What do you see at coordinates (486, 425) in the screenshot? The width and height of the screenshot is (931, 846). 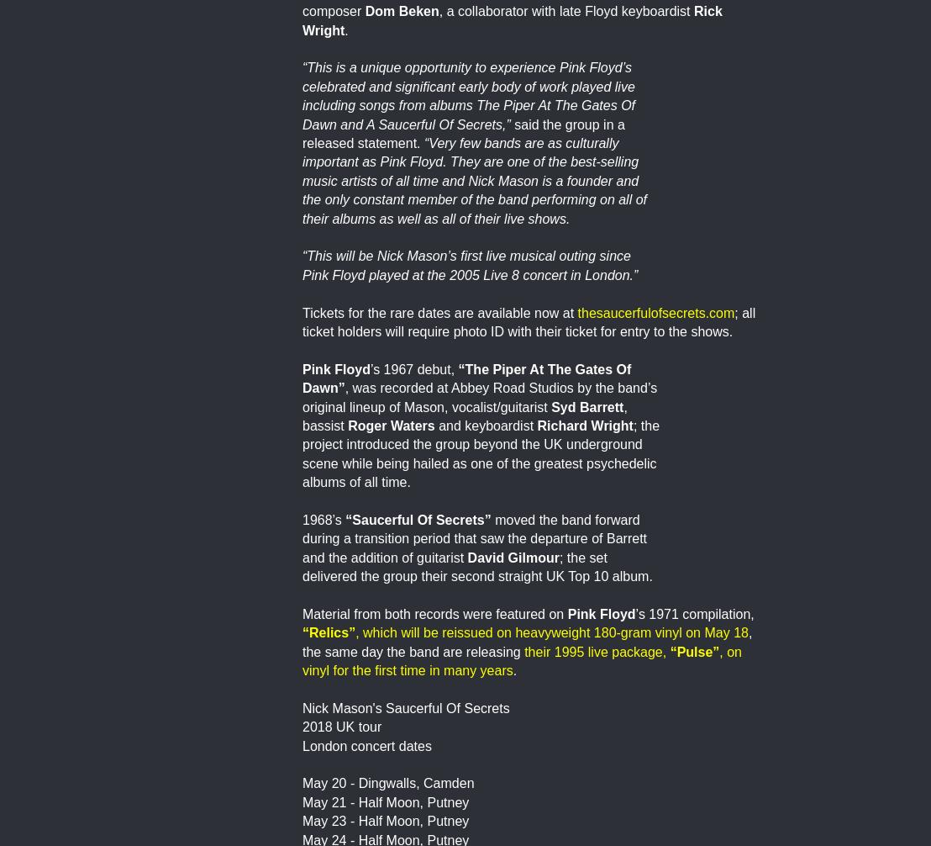 I see `'and keyboardist'` at bounding box center [486, 425].